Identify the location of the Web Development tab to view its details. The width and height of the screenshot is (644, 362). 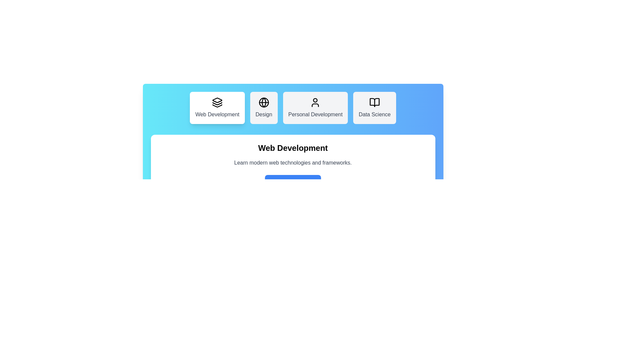
(217, 107).